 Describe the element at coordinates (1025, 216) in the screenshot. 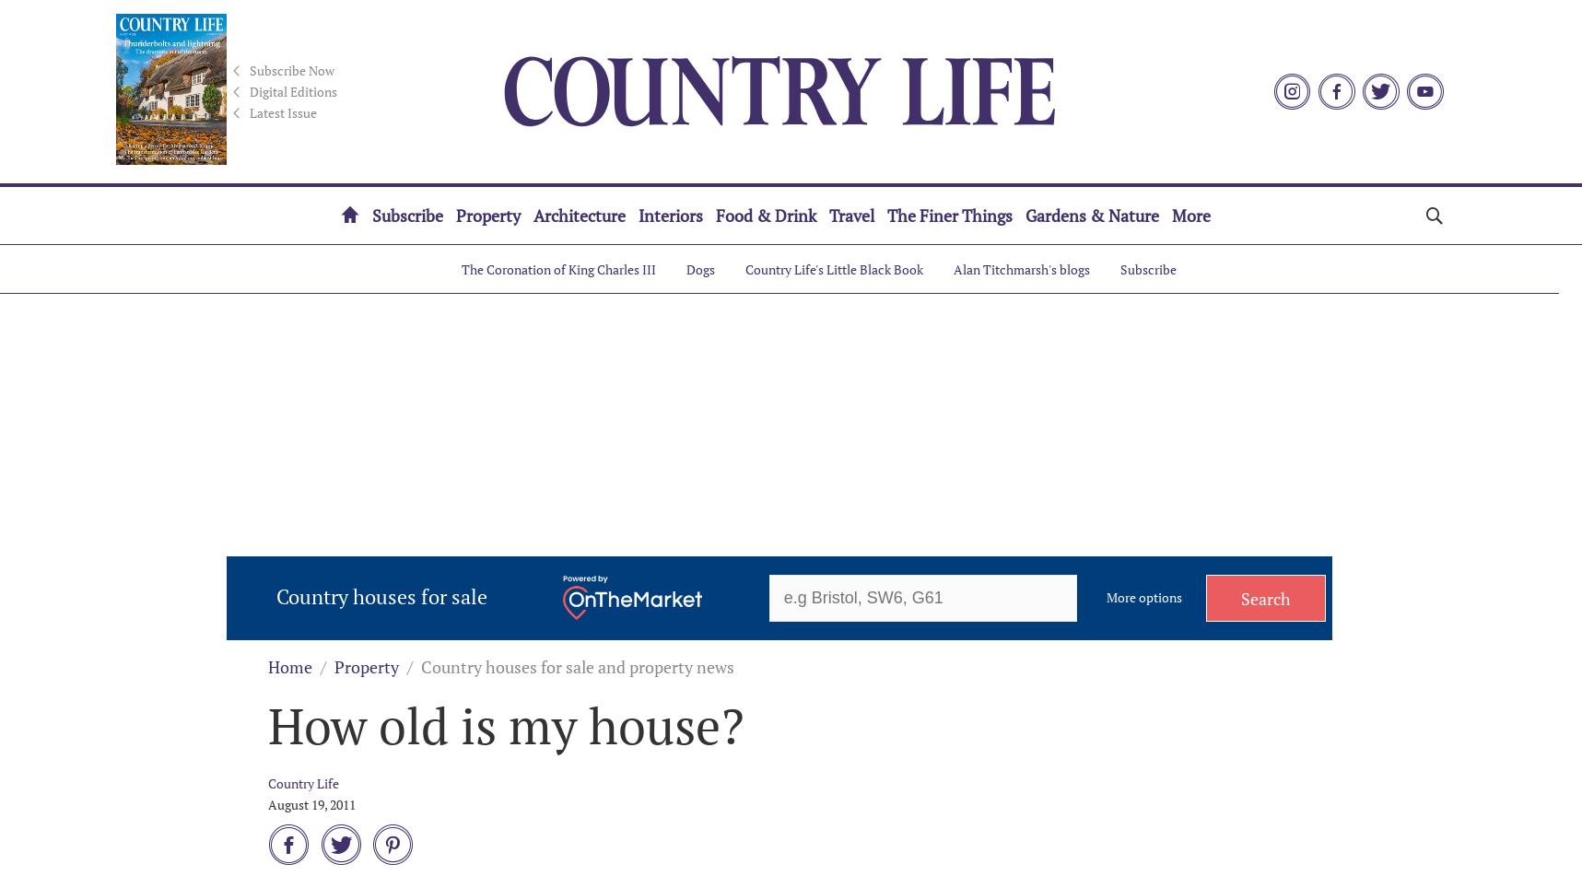

I see `'Gardens & Nature'` at that location.